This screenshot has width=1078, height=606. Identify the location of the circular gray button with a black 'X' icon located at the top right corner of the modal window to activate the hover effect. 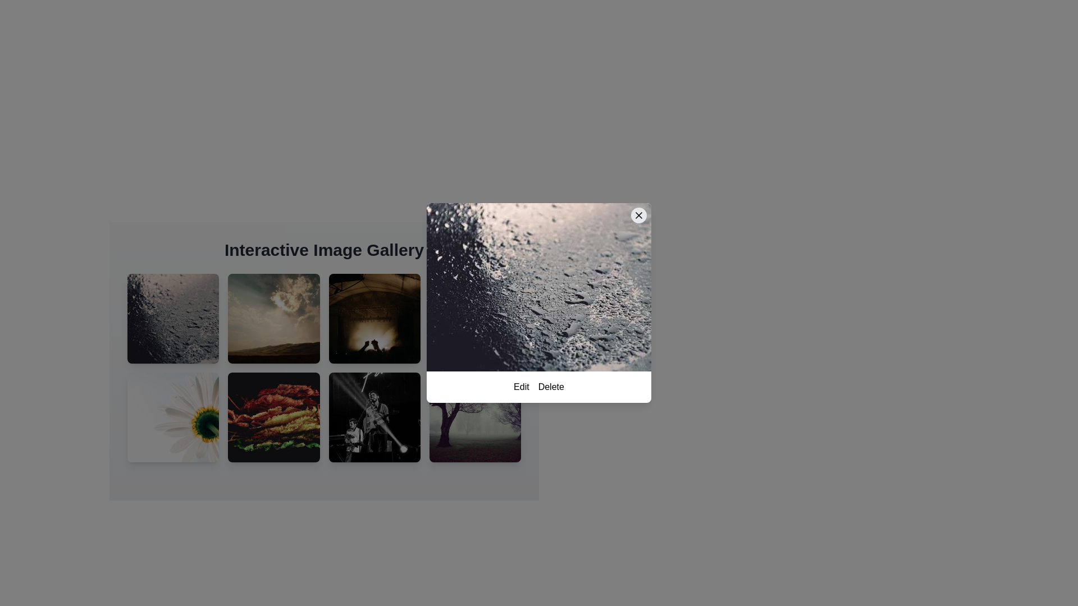
(638, 215).